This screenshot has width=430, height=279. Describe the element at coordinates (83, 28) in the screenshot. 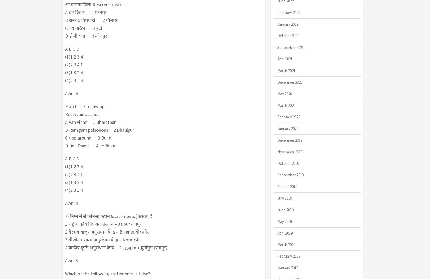

I see `'C बंध बारेठा       3 बूंदी'` at that location.